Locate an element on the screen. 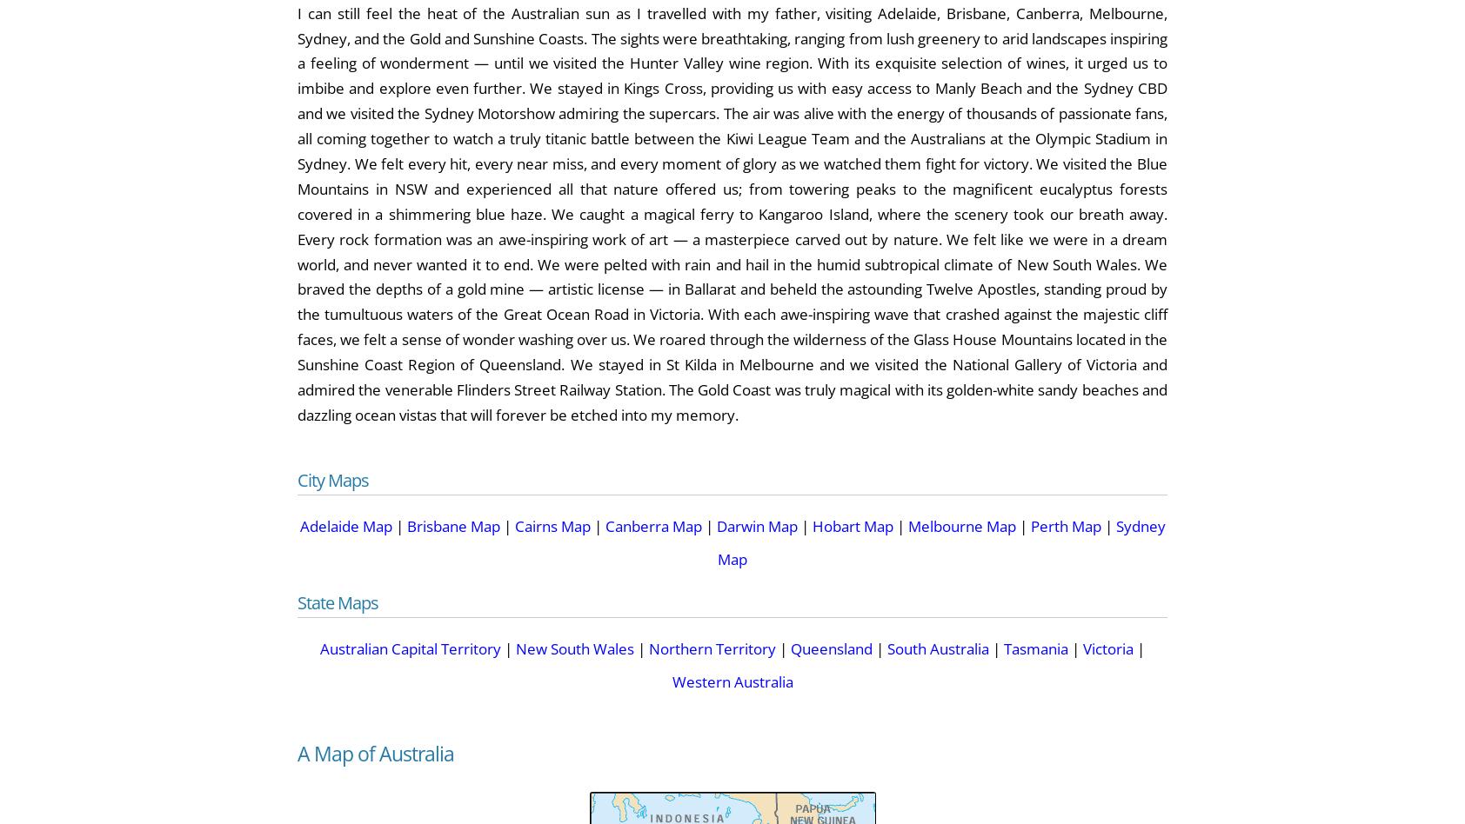  'Brisbane Map' is located at coordinates (452, 524).